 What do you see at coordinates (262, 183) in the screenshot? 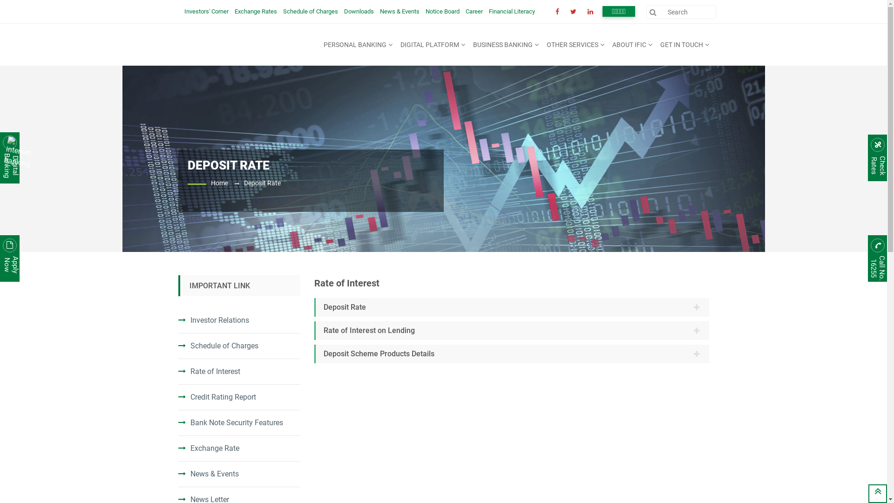
I see `'Deposit Rate'` at bounding box center [262, 183].